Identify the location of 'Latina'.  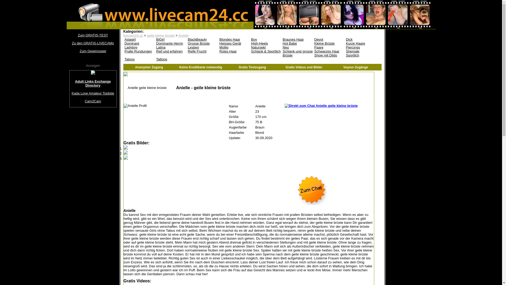
(171, 47).